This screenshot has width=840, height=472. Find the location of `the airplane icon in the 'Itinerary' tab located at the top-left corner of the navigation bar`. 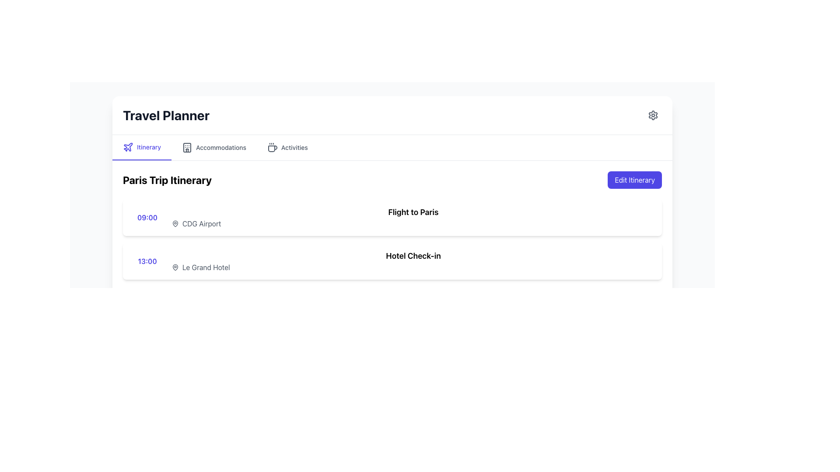

the airplane icon in the 'Itinerary' tab located at the top-left corner of the navigation bar is located at coordinates (127, 146).